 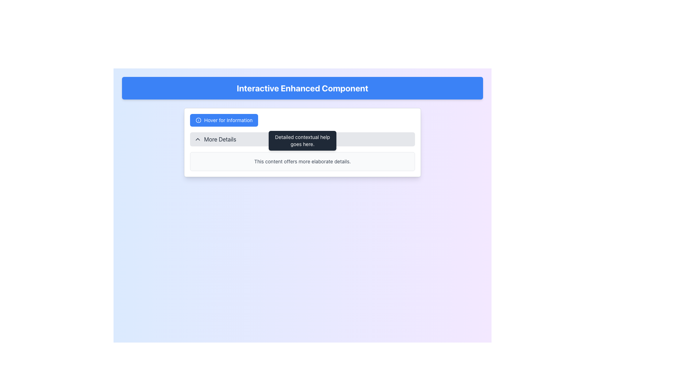 What do you see at coordinates (198, 120) in the screenshot?
I see `the circular graphical shape that is part of the SVG icon located near the top left of the 'Hover for Information' button` at bounding box center [198, 120].